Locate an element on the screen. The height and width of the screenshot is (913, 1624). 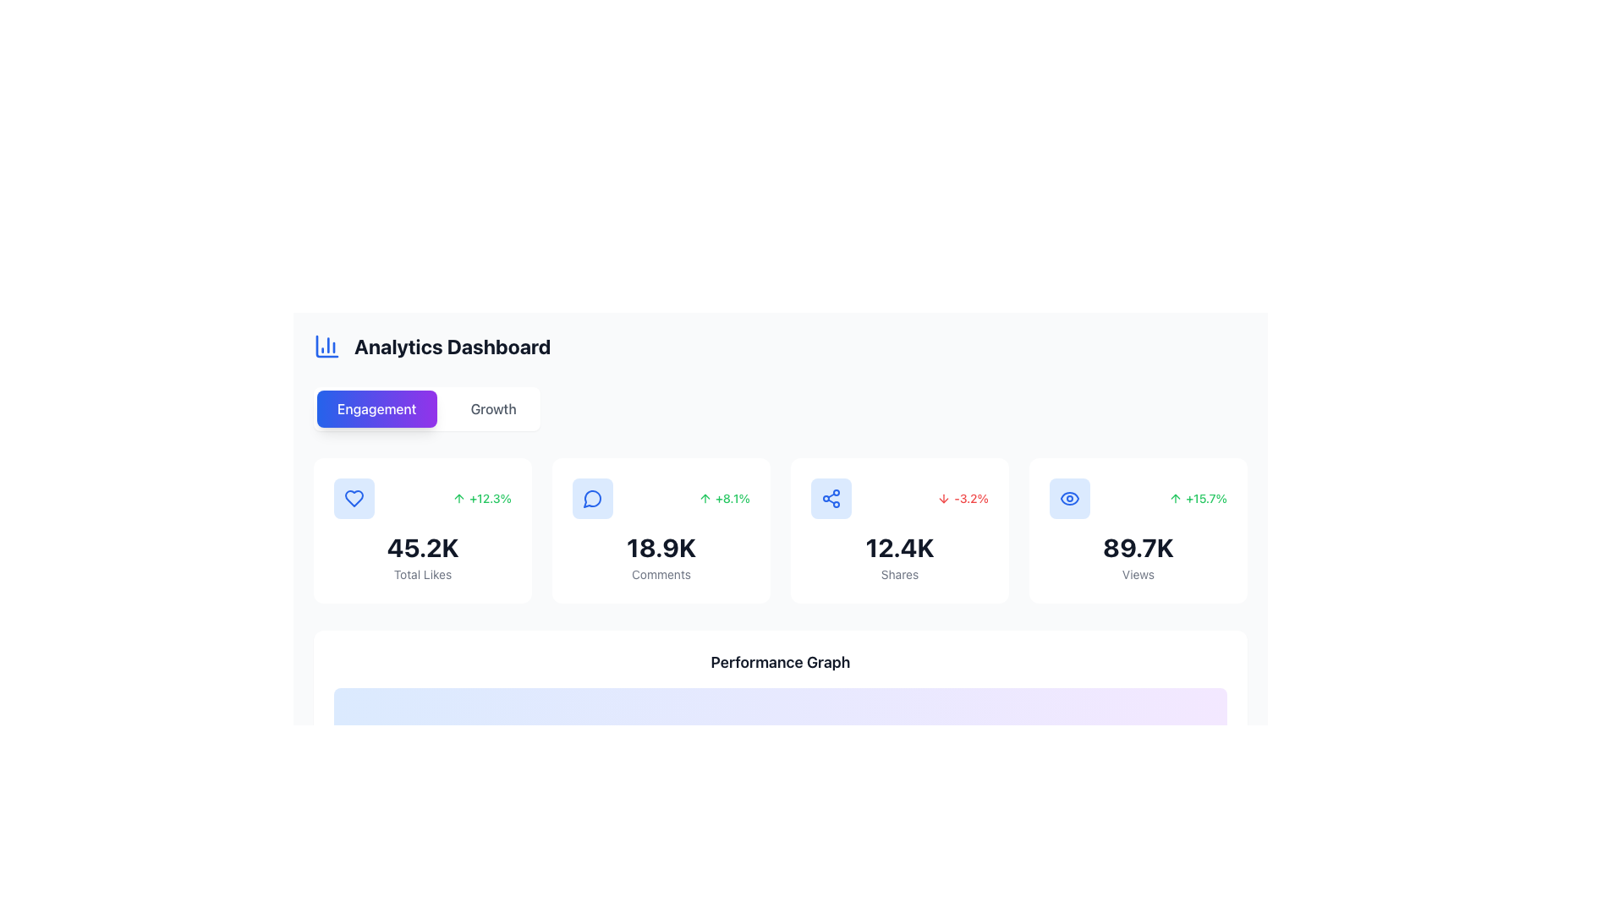
the heart icon in the Engagement section of the Analytics Dashboard, which represents total likes and is positioned to the left of the Comments icon is located at coordinates (353, 498).